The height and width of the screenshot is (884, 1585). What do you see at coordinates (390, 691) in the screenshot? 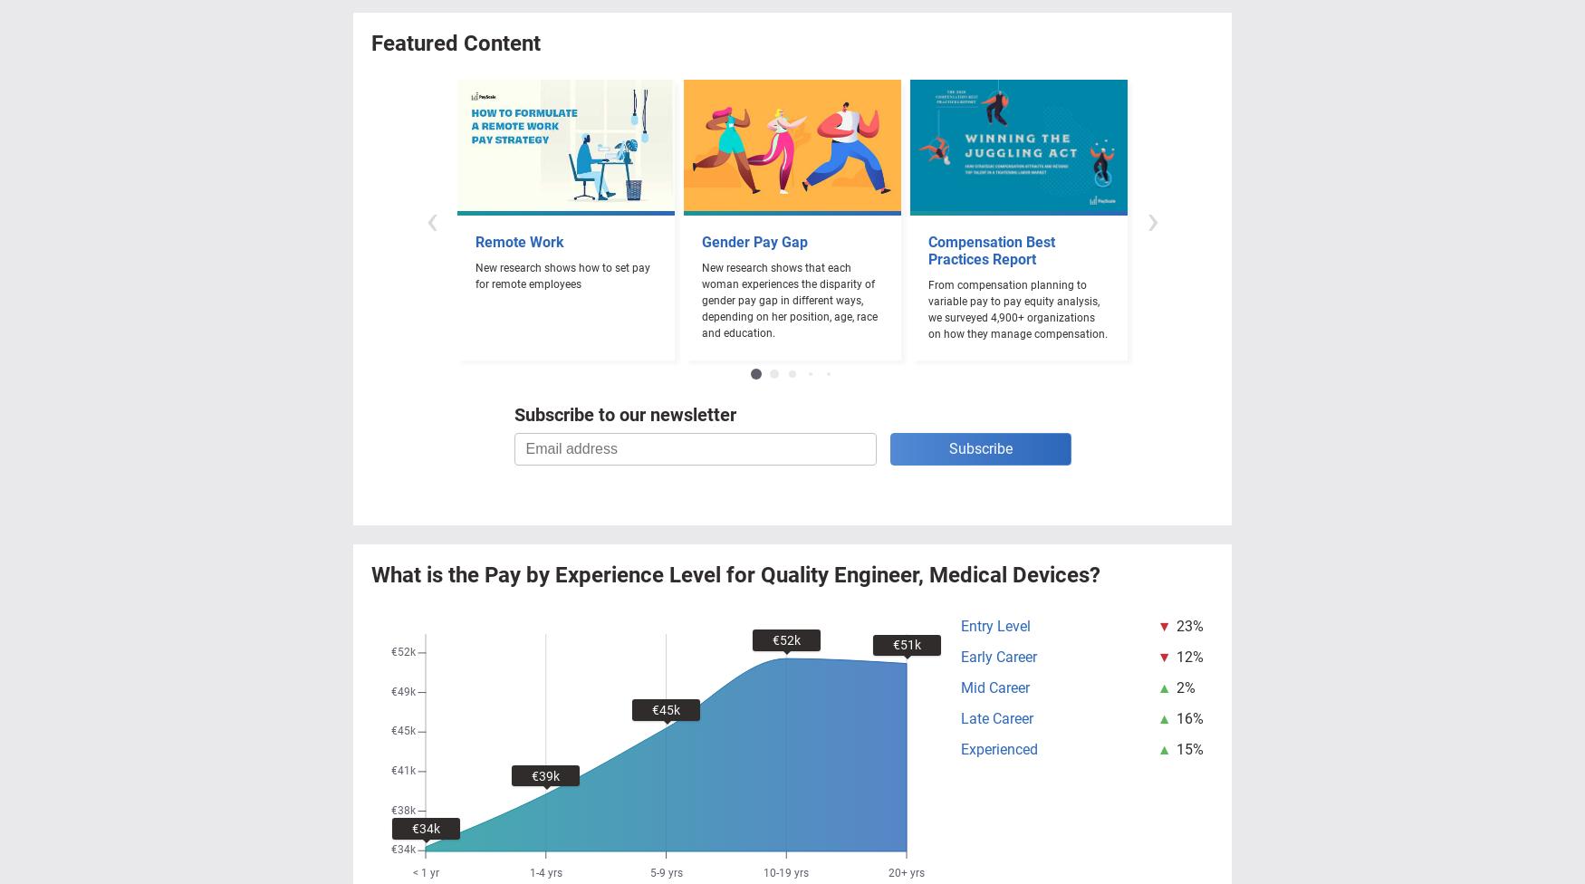
I see `'€49k'` at bounding box center [390, 691].